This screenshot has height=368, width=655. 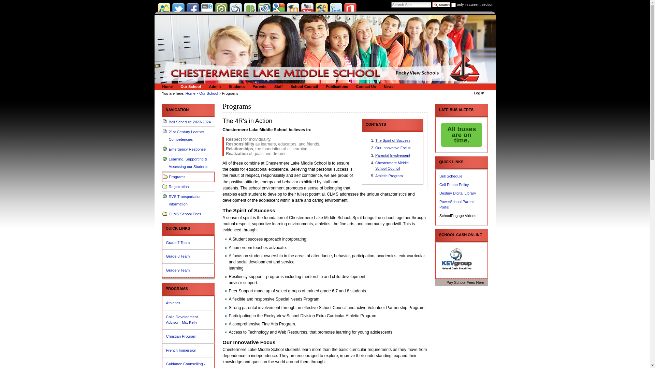 I want to click on 'Publications', so click(x=336, y=86).